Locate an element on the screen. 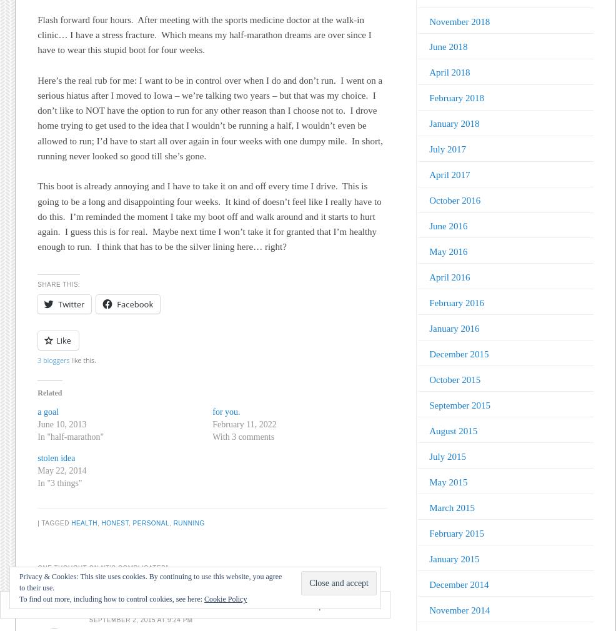  'June 2018' is located at coordinates (447, 46).